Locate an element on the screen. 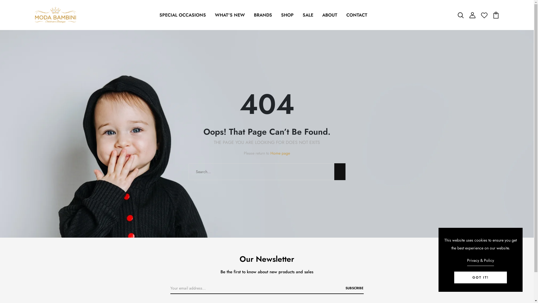  'SUBSCRIBE' is located at coordinates (345, 288).